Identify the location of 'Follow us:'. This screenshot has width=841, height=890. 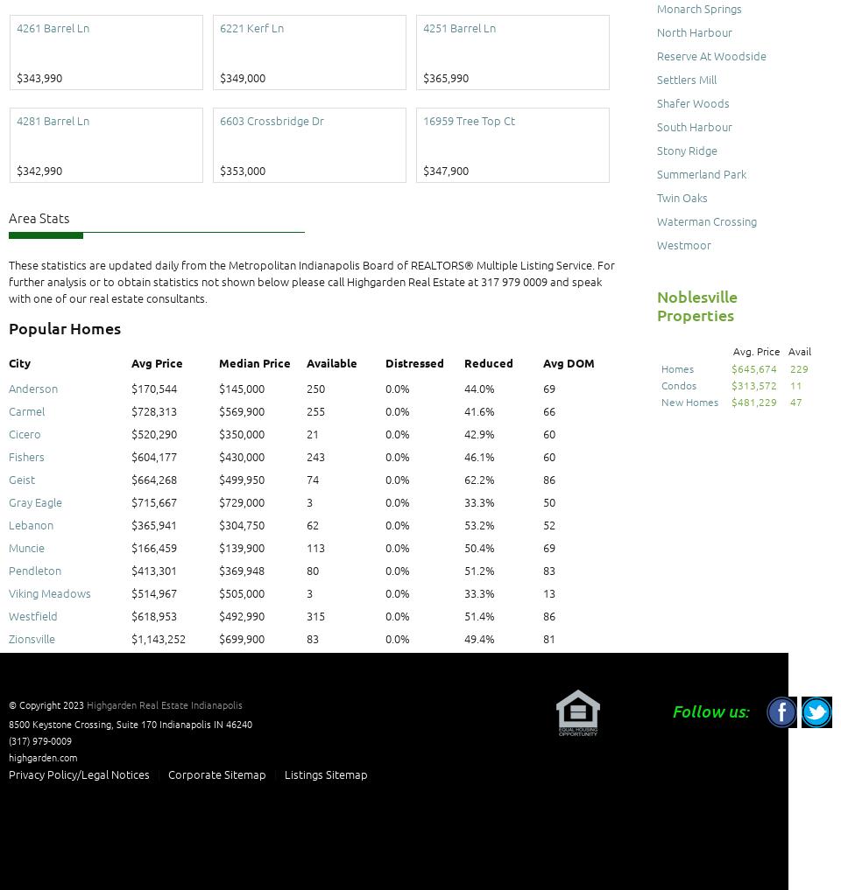
(710, 710).